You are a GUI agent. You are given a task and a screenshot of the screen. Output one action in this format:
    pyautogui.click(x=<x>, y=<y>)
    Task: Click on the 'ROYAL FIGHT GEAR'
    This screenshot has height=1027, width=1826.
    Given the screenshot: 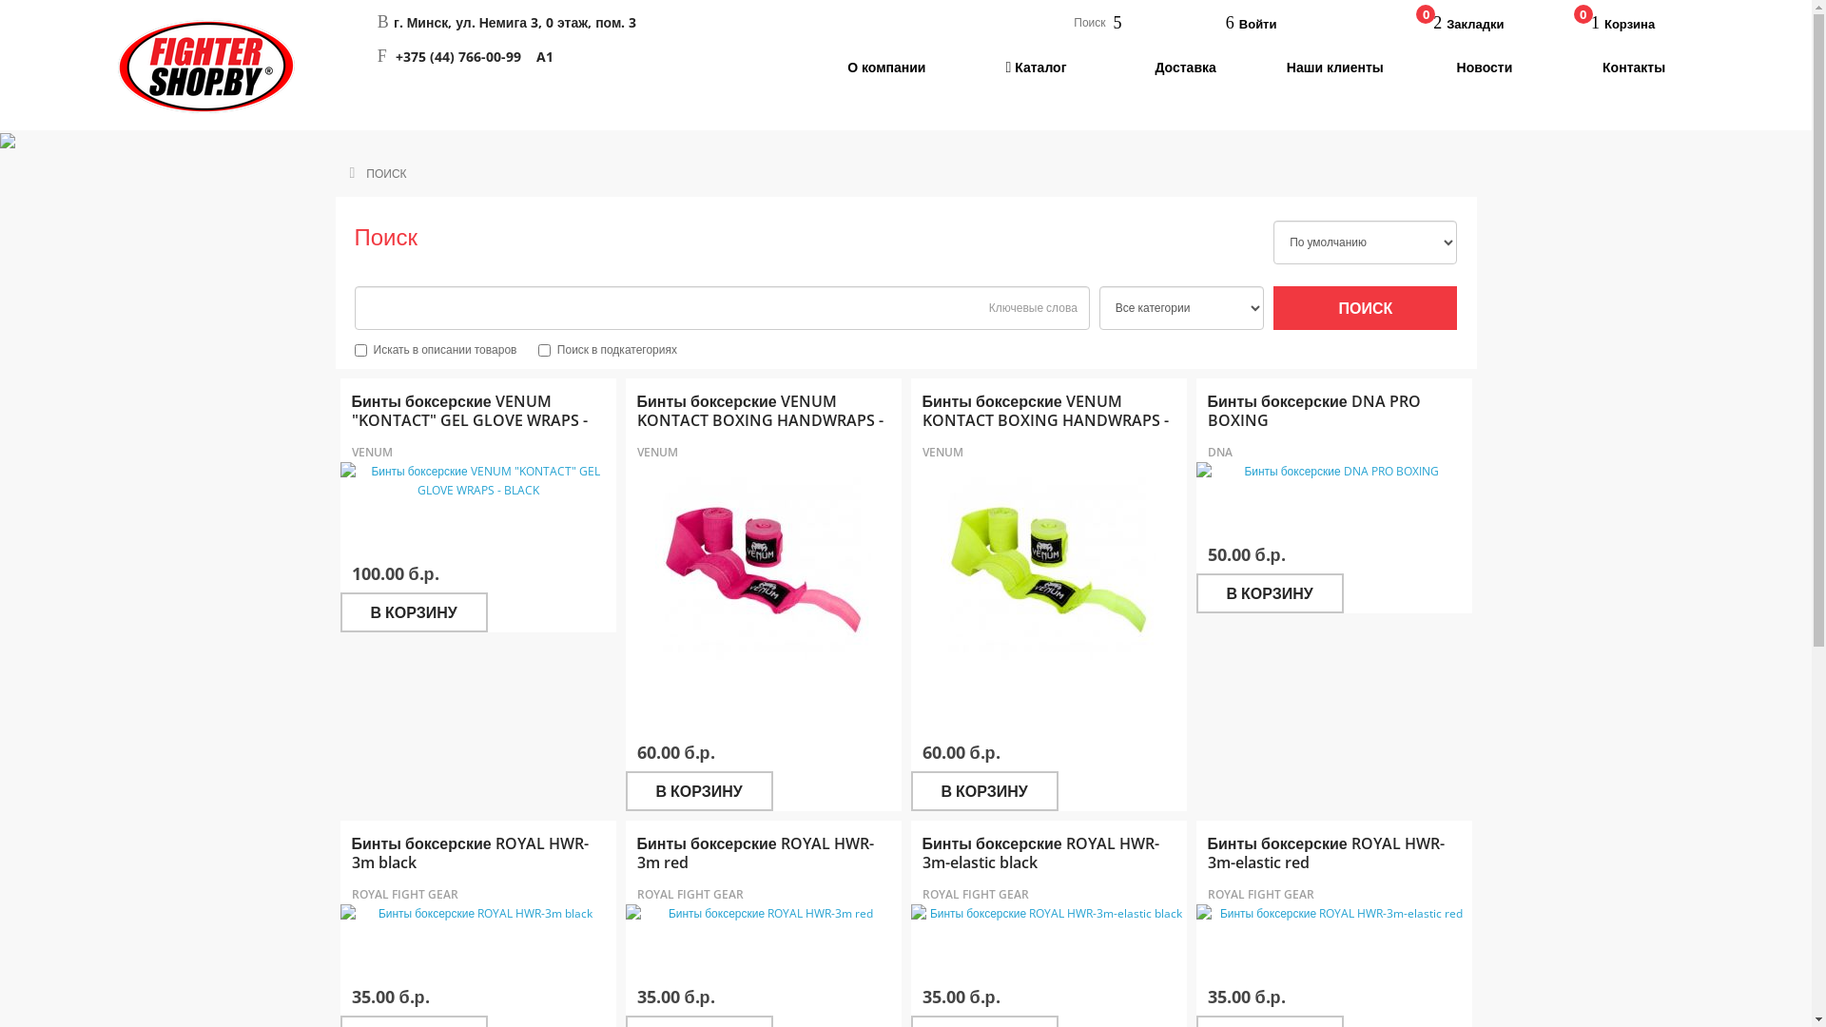 What is the action you would take?
    pyautogui.click(x=689, y=894)
    